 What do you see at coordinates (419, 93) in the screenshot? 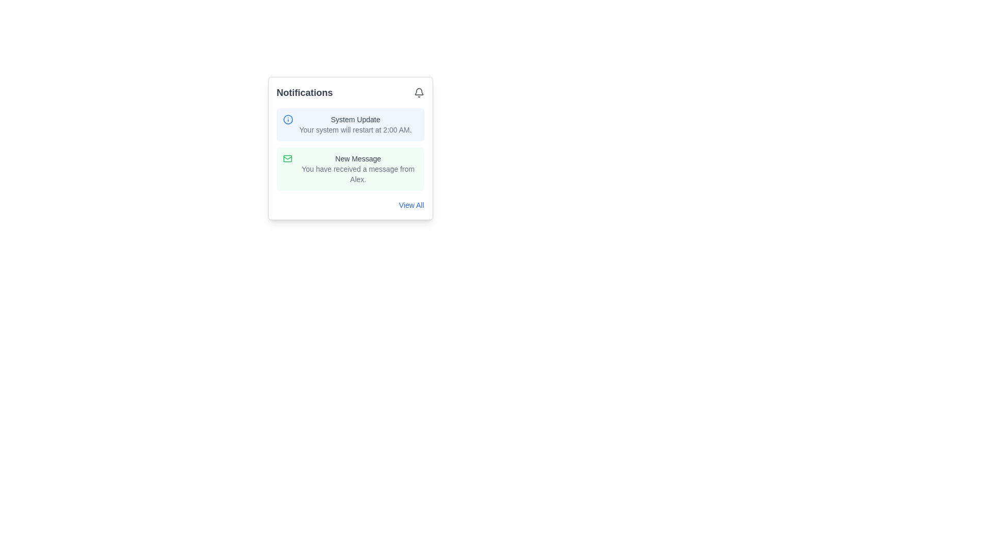
I see `the bell icon located` at bounding box center [419, 93].